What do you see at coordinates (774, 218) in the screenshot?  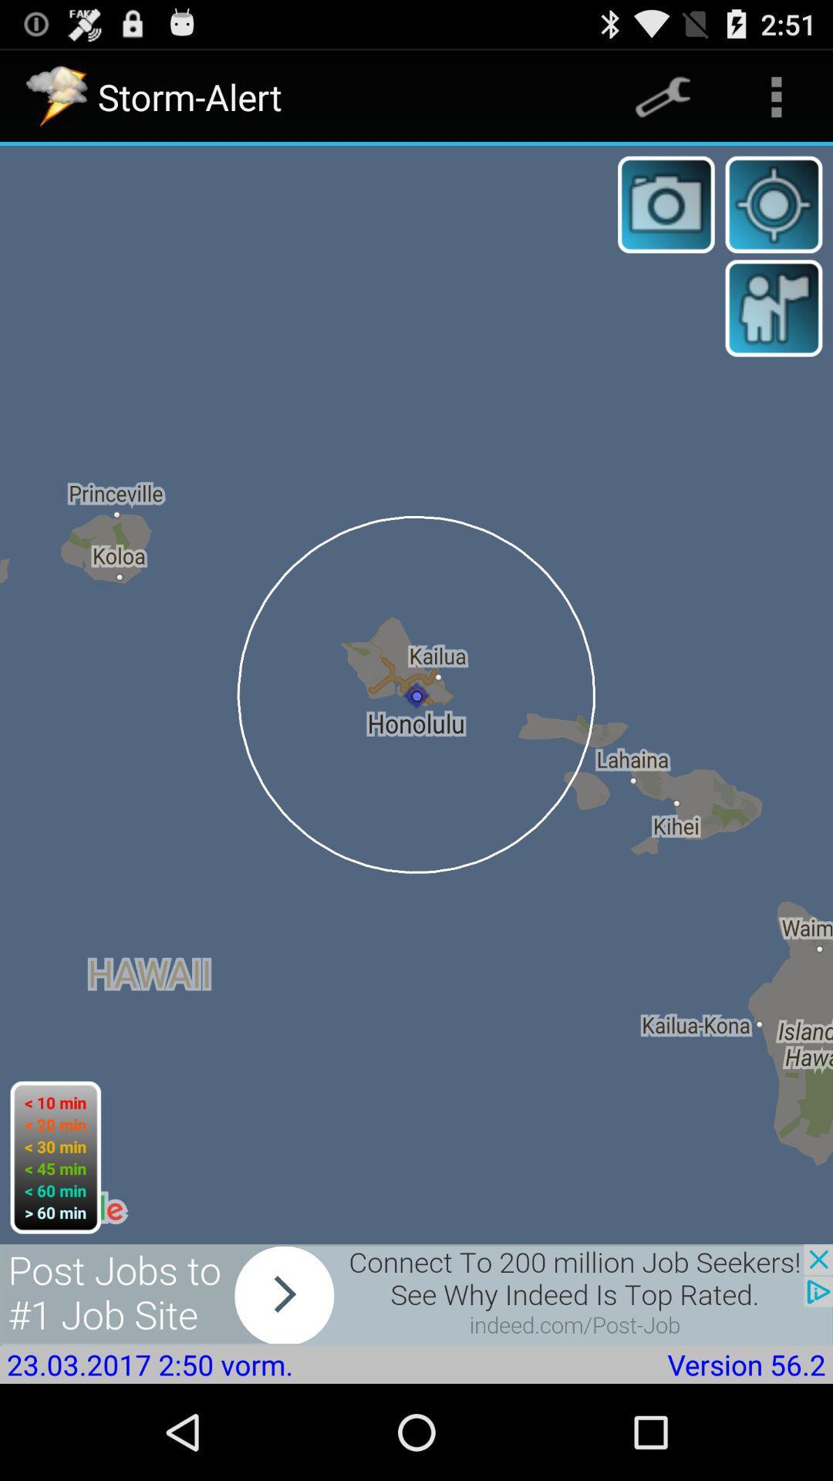 I see `the location_crosshair icon` at bounding box center [774, 218].